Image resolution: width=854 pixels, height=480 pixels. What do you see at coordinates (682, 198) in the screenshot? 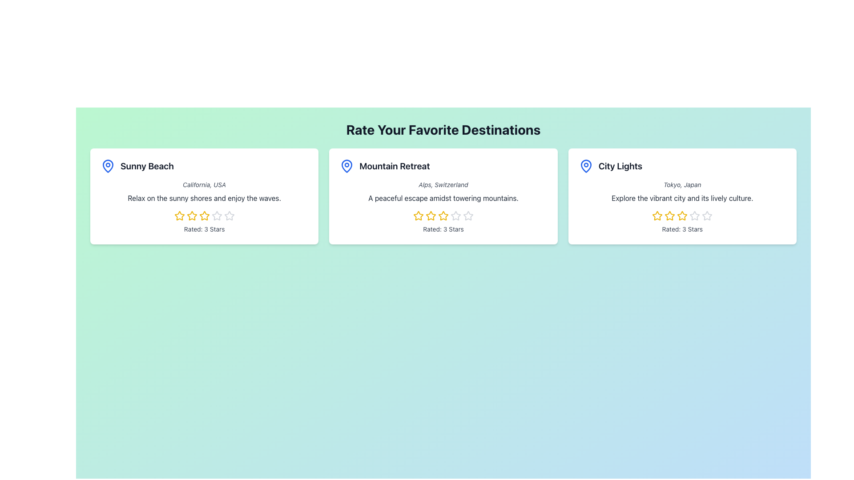
I see `the text block reading 'Explore the vibrant city and its lively culture.' which is styled in gray font and located within the 'City Lights' card` at bounding box center [682, 198].